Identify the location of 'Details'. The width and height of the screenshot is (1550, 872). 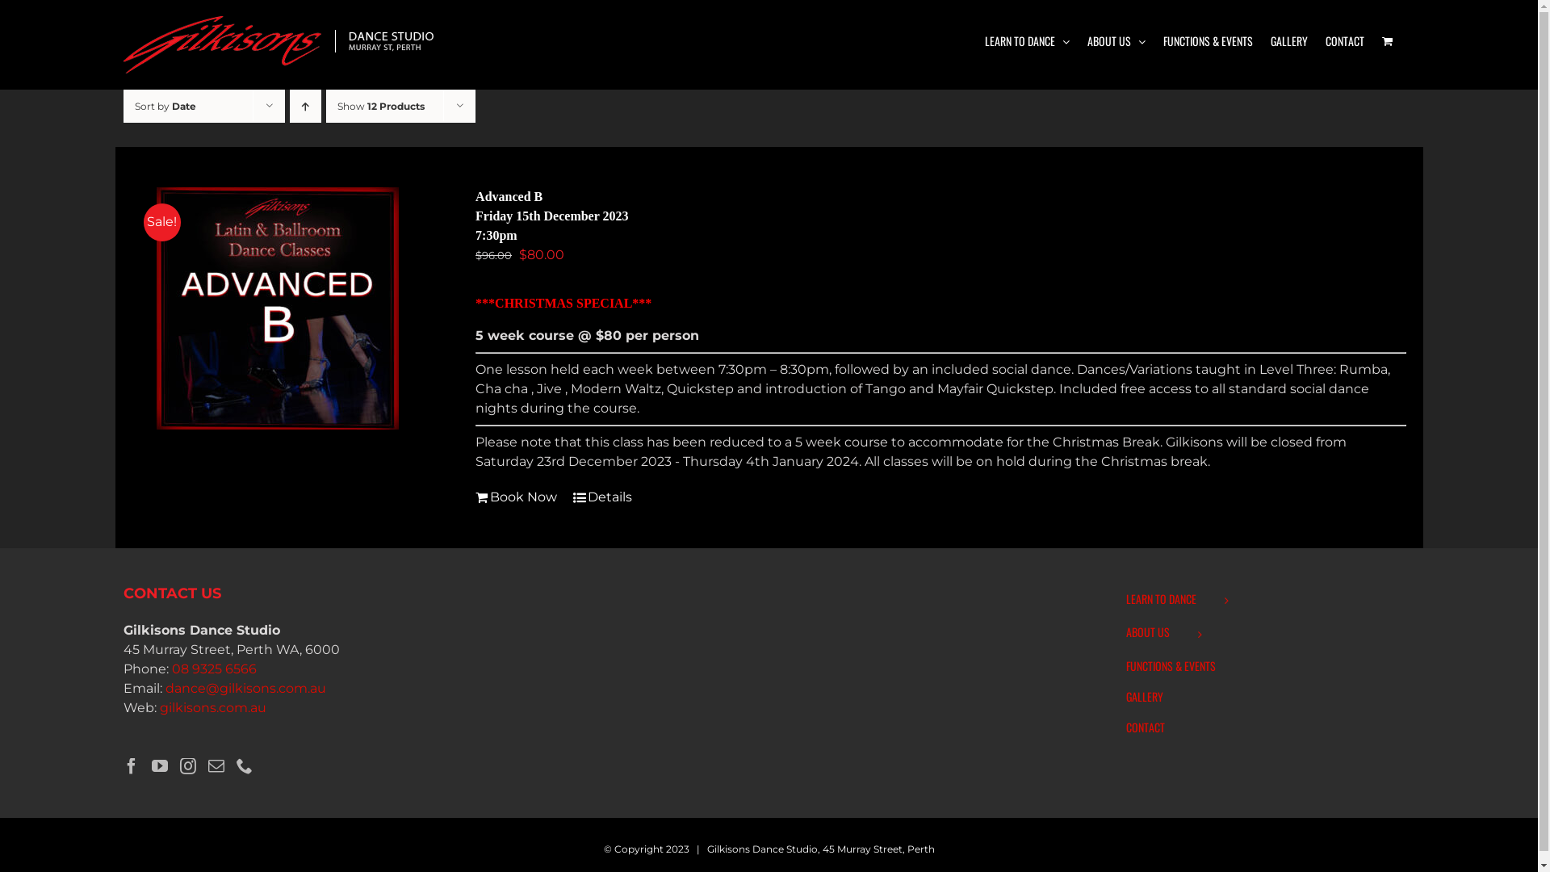
(601, 497).